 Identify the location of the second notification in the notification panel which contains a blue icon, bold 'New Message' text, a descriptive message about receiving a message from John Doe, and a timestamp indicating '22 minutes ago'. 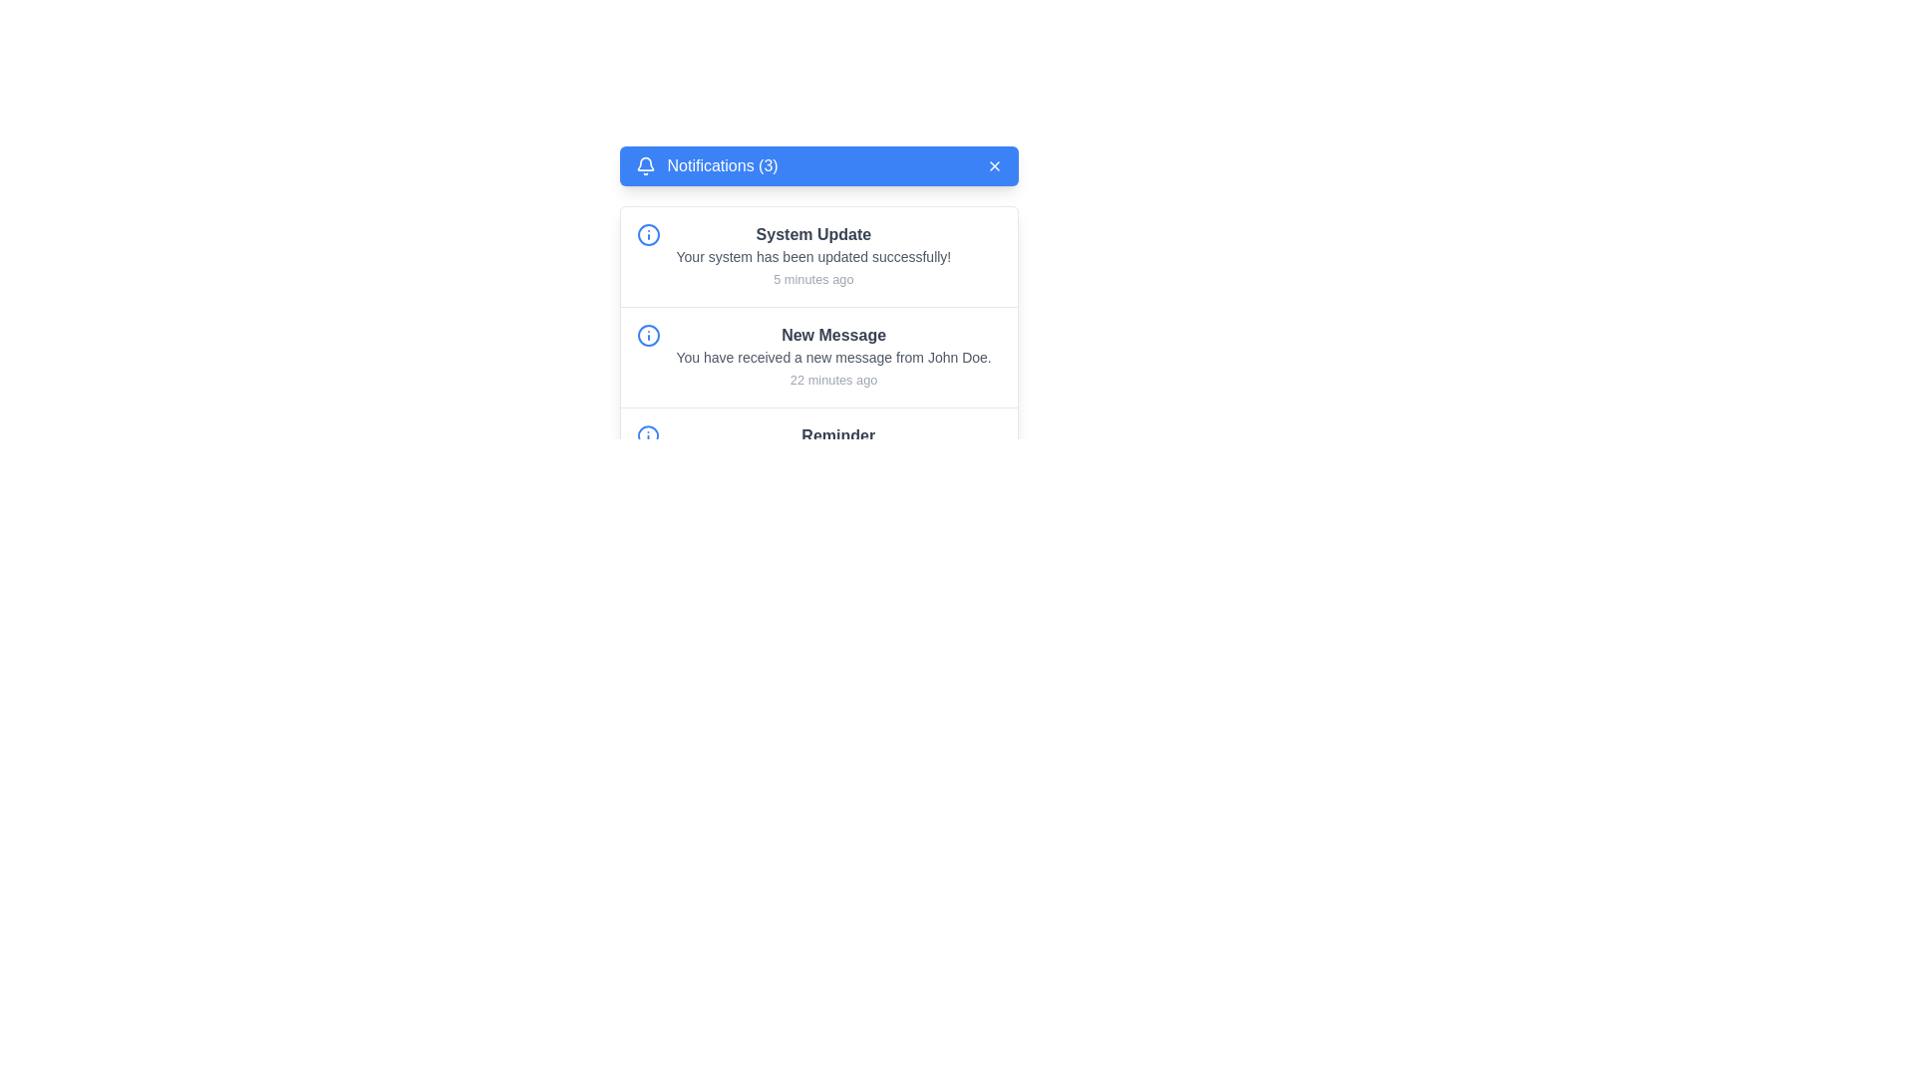
(818, 357).